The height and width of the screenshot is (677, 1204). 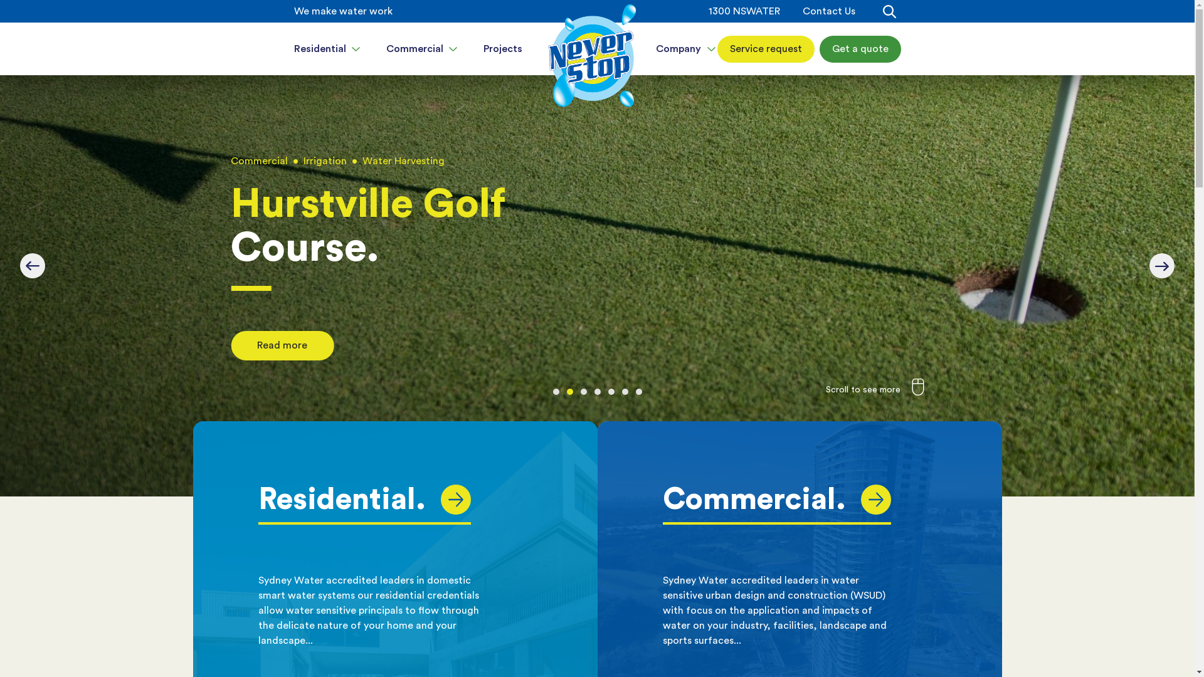 What do you see at coordinates (327, 48) in the screenshot?
I see `'Residential'` at bounding box center [327, 48].